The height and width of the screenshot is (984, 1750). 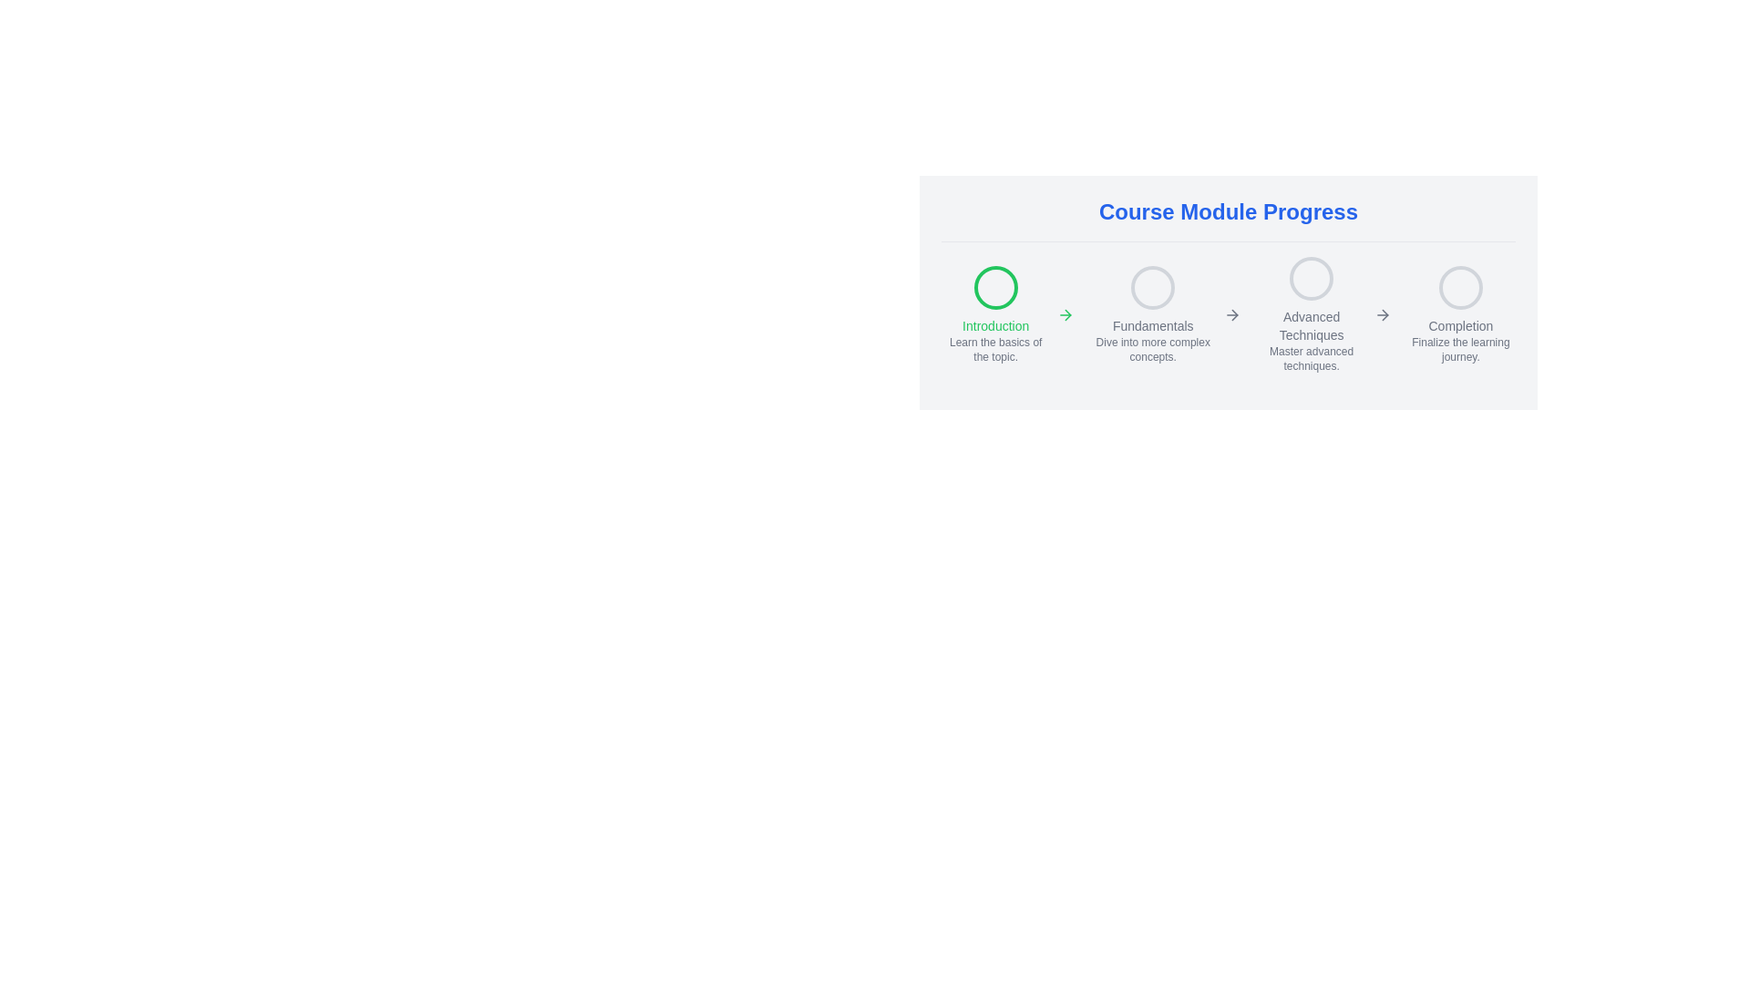 What do you see at coordinates (1229, 219) in the screenshot?
I see `text header displaying 'Course Module Progress', which is bold, large, and bright blue, located at the top of the course progress section` at bounding box center [1229, 219].